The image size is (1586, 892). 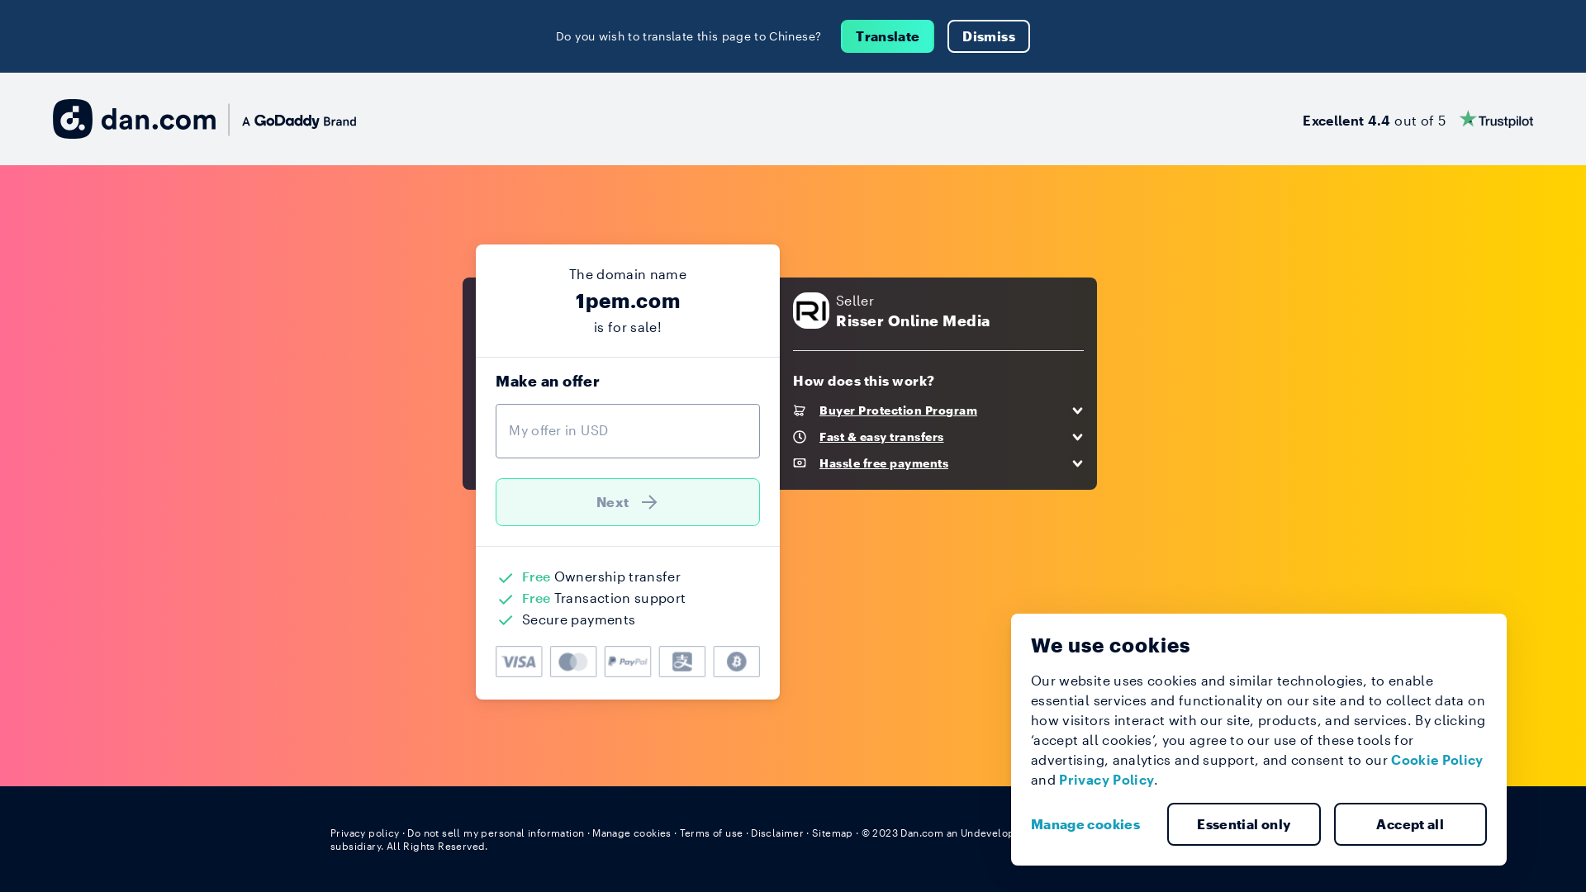 What do you see at coordinates (626, 501) in the screenshot?
I see `'Next` at bounding box center [626, 501].